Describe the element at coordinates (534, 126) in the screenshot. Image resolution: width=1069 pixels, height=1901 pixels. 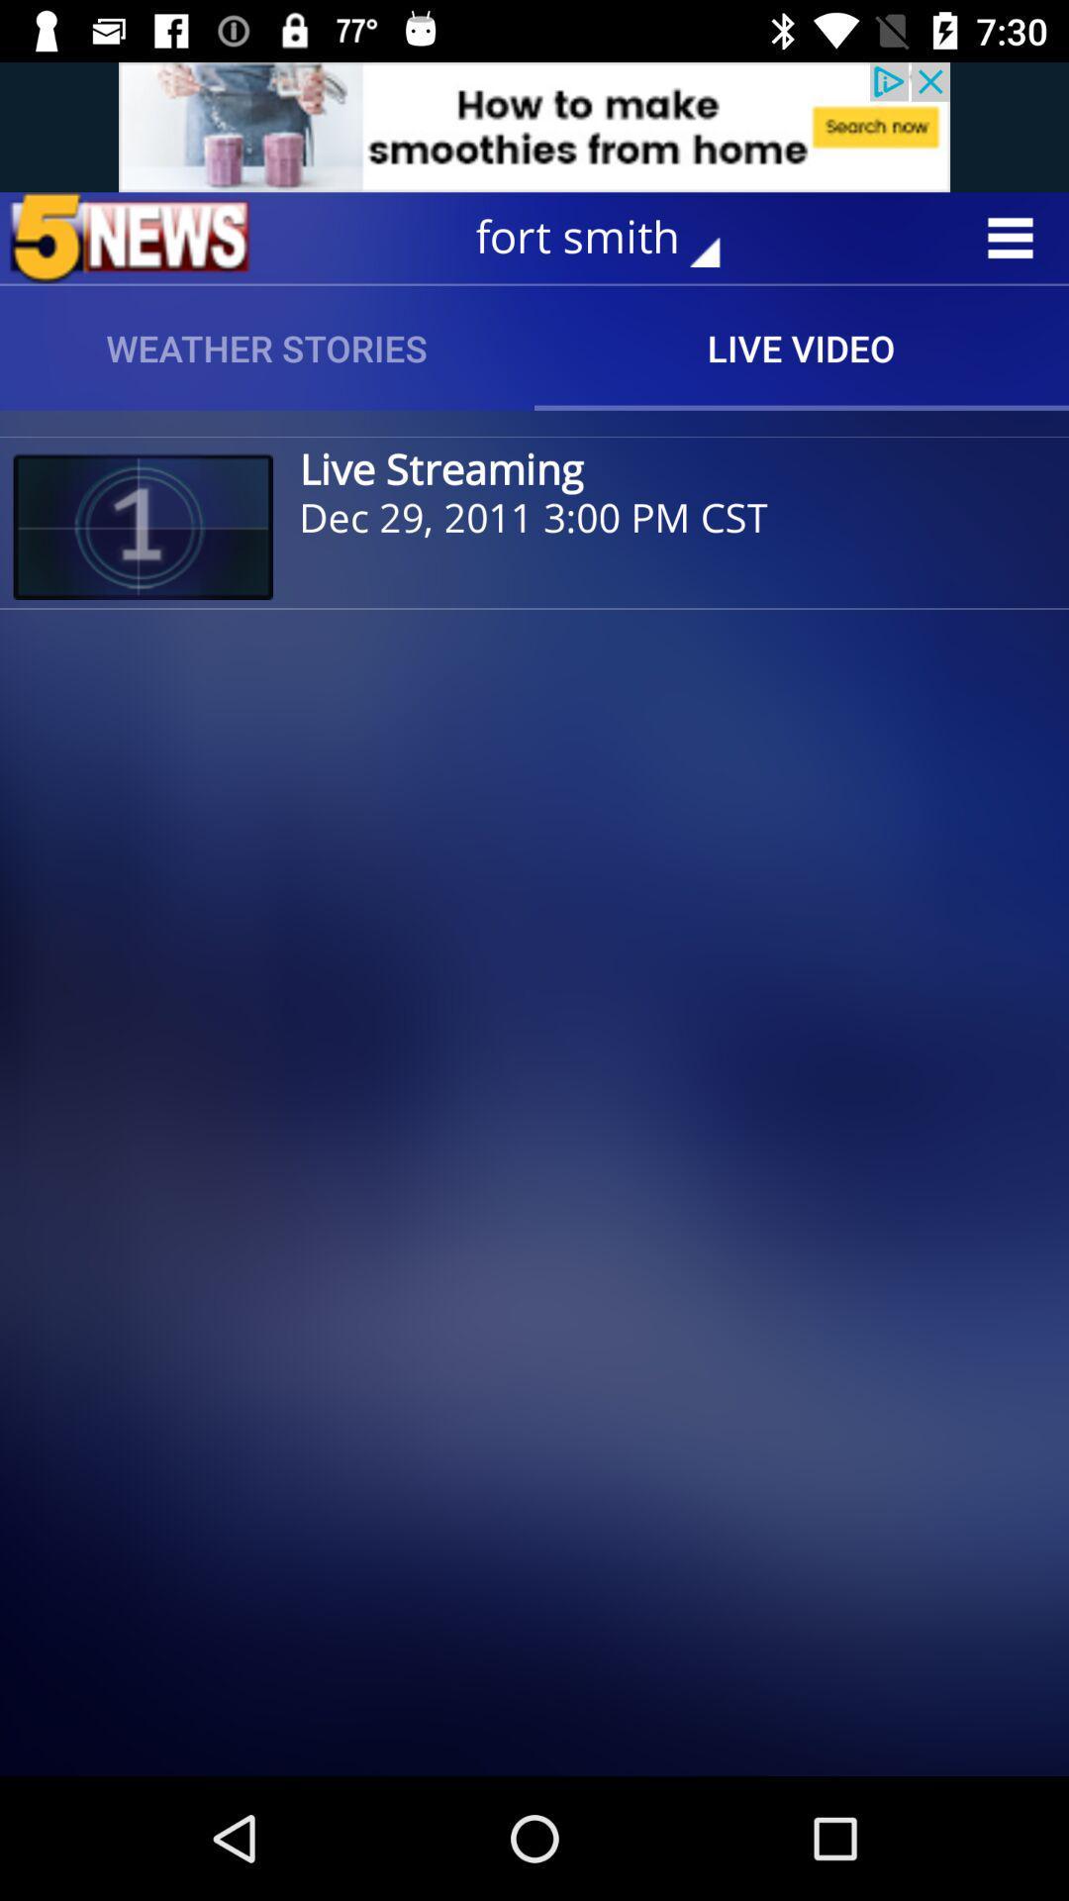
I see `for advertisement` at that location.